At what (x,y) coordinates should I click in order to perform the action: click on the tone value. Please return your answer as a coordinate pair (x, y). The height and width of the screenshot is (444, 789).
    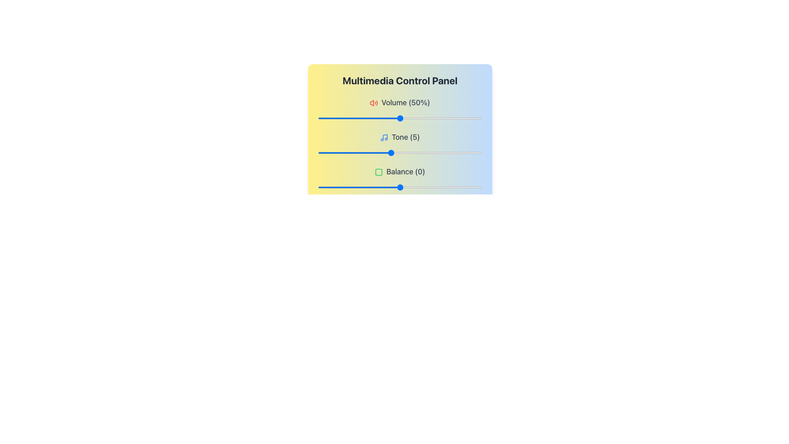
    Looking at the image, I should click on (336, 153).